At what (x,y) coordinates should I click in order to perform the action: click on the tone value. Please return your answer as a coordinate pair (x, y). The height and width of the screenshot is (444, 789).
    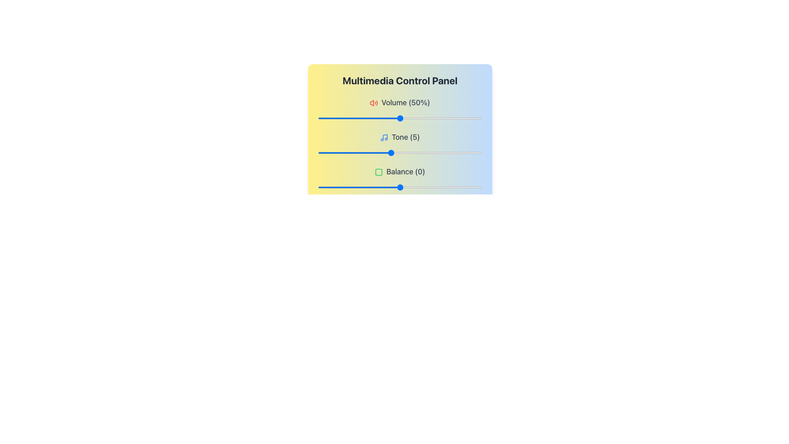
    Looking at the image, I should click on (336, 153).